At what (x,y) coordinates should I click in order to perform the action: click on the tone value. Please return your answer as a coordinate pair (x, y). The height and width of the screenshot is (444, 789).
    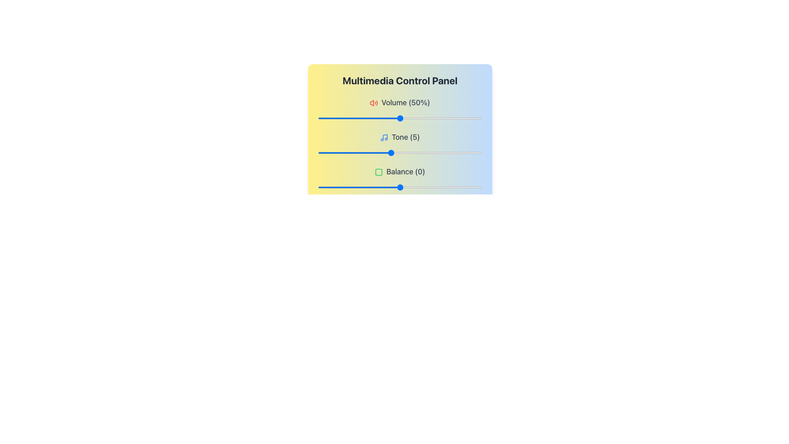
    Looking at the image, I should click on (336, 153).